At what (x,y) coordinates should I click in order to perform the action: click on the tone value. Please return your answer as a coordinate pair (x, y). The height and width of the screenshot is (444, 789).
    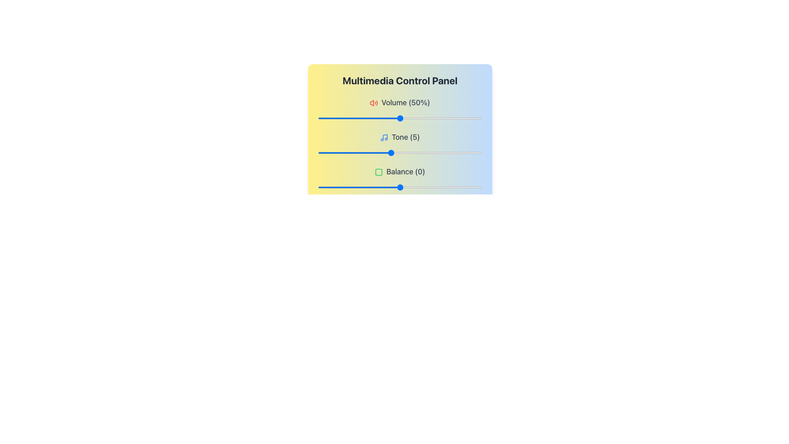
    Looking at the image, I should click on (336, 153).